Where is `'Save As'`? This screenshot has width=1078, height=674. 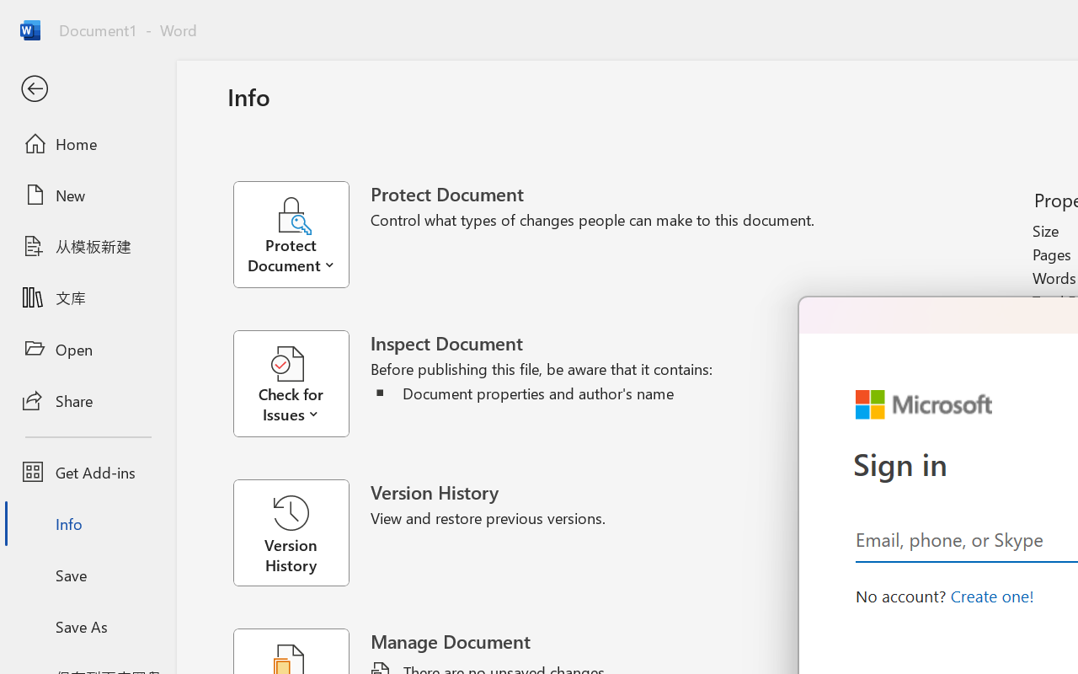
'Save As' is located at coordinates (87, 626).